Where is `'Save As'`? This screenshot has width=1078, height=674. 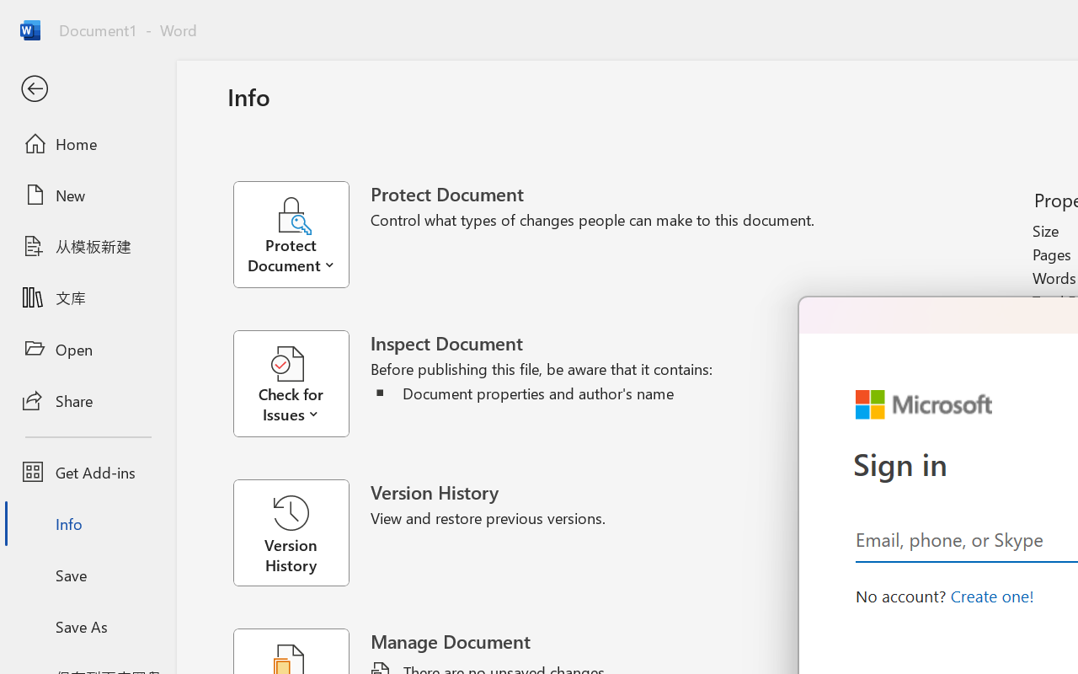
'Save As' is located at coordinates (87, 626).